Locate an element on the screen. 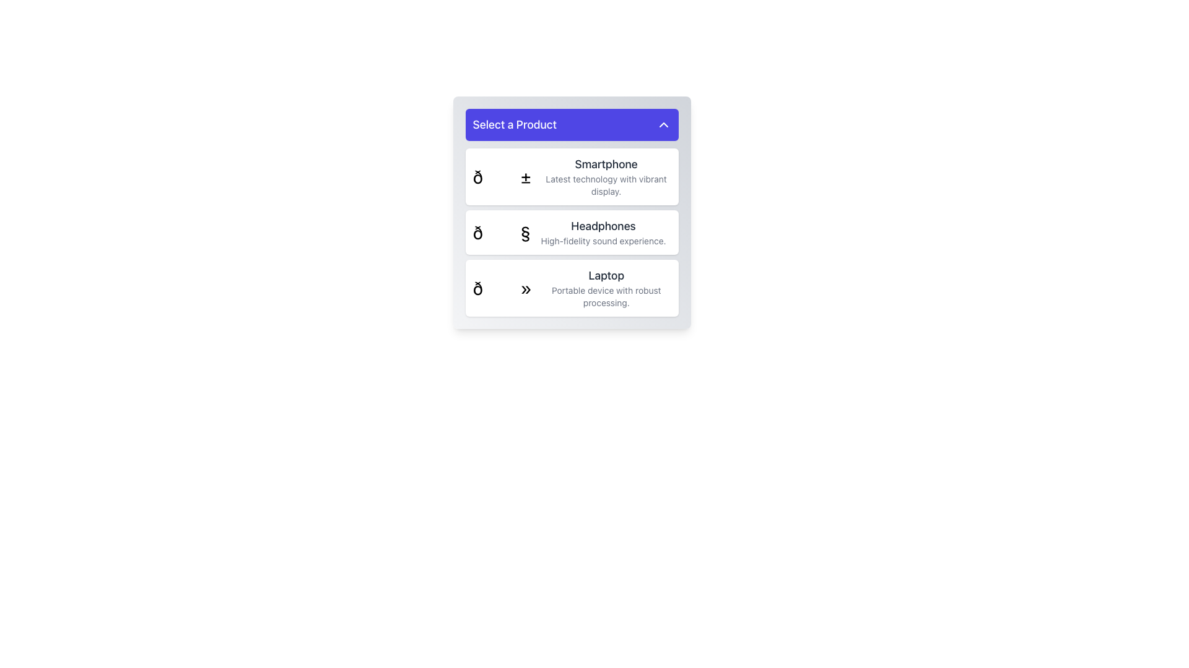  text from the label displaying 'Select a Product' which is positioned above the product list and to the left of the chevron icon is located at coordinates (515, 124).